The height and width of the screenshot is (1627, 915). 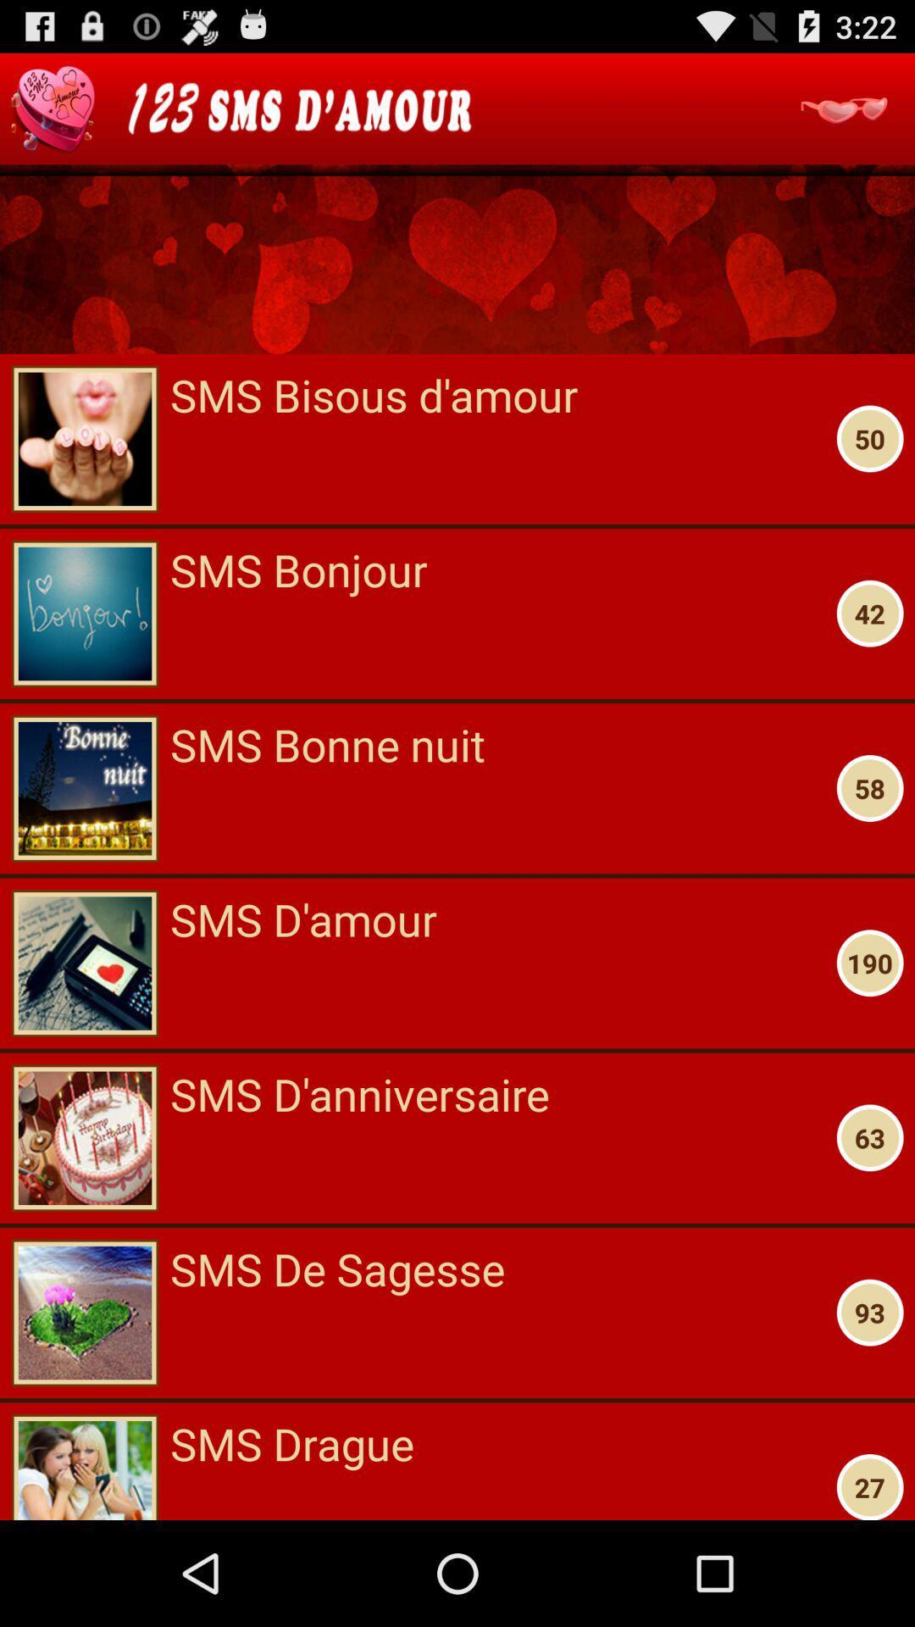 What do you see at coordinates (843, 108) in the screenshot?
I see `messages` at bounding box center [843, 108].